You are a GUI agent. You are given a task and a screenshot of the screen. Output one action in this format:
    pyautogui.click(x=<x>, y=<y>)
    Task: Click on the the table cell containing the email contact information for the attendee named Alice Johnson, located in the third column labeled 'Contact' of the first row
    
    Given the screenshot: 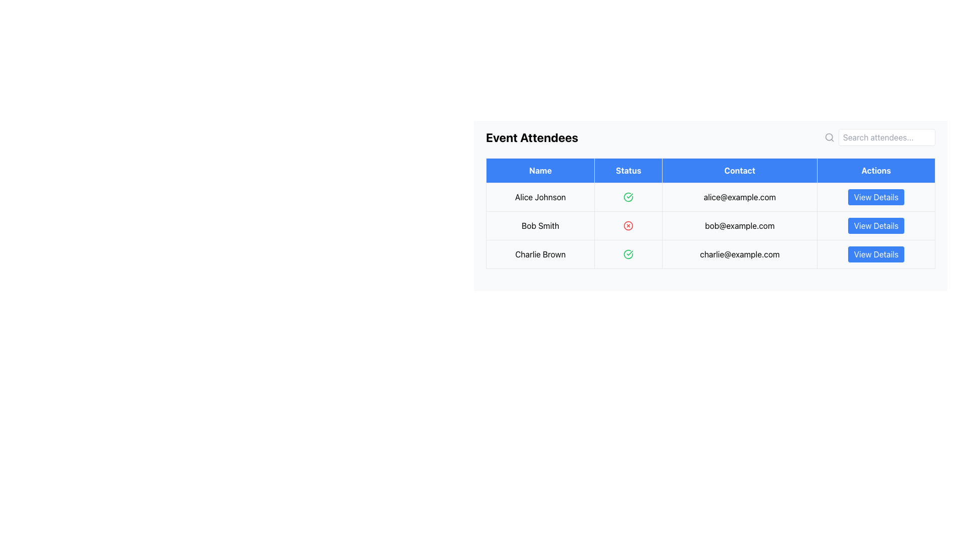 What is the action you would take?
    pyautogui.click(x=740, y=197)
    